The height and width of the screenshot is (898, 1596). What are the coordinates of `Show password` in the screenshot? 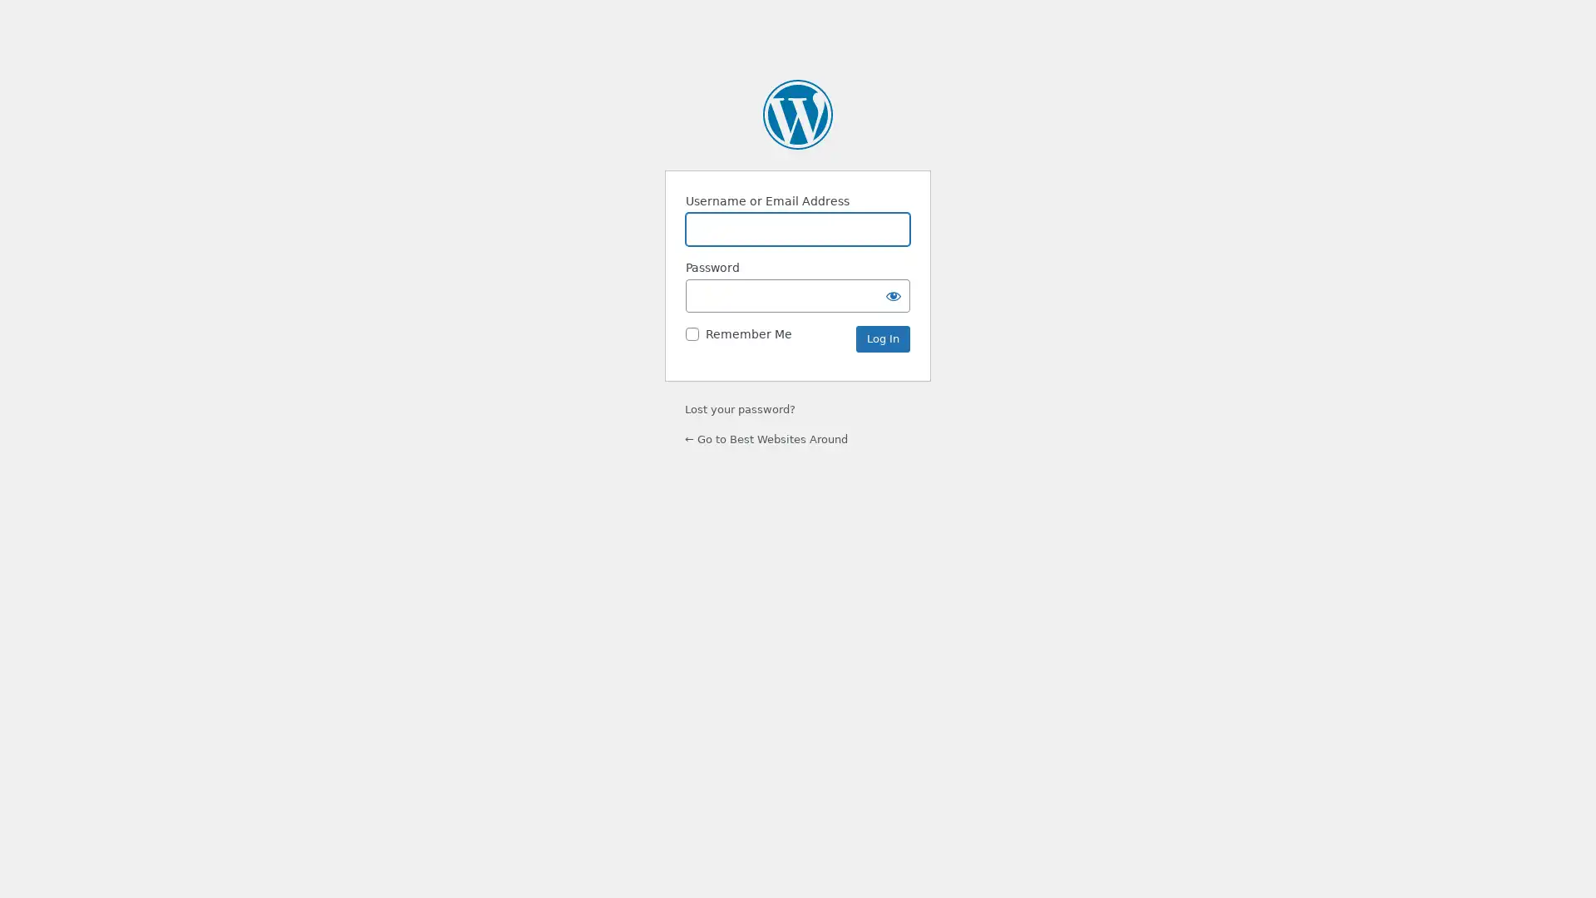 It's located at (893, 294).